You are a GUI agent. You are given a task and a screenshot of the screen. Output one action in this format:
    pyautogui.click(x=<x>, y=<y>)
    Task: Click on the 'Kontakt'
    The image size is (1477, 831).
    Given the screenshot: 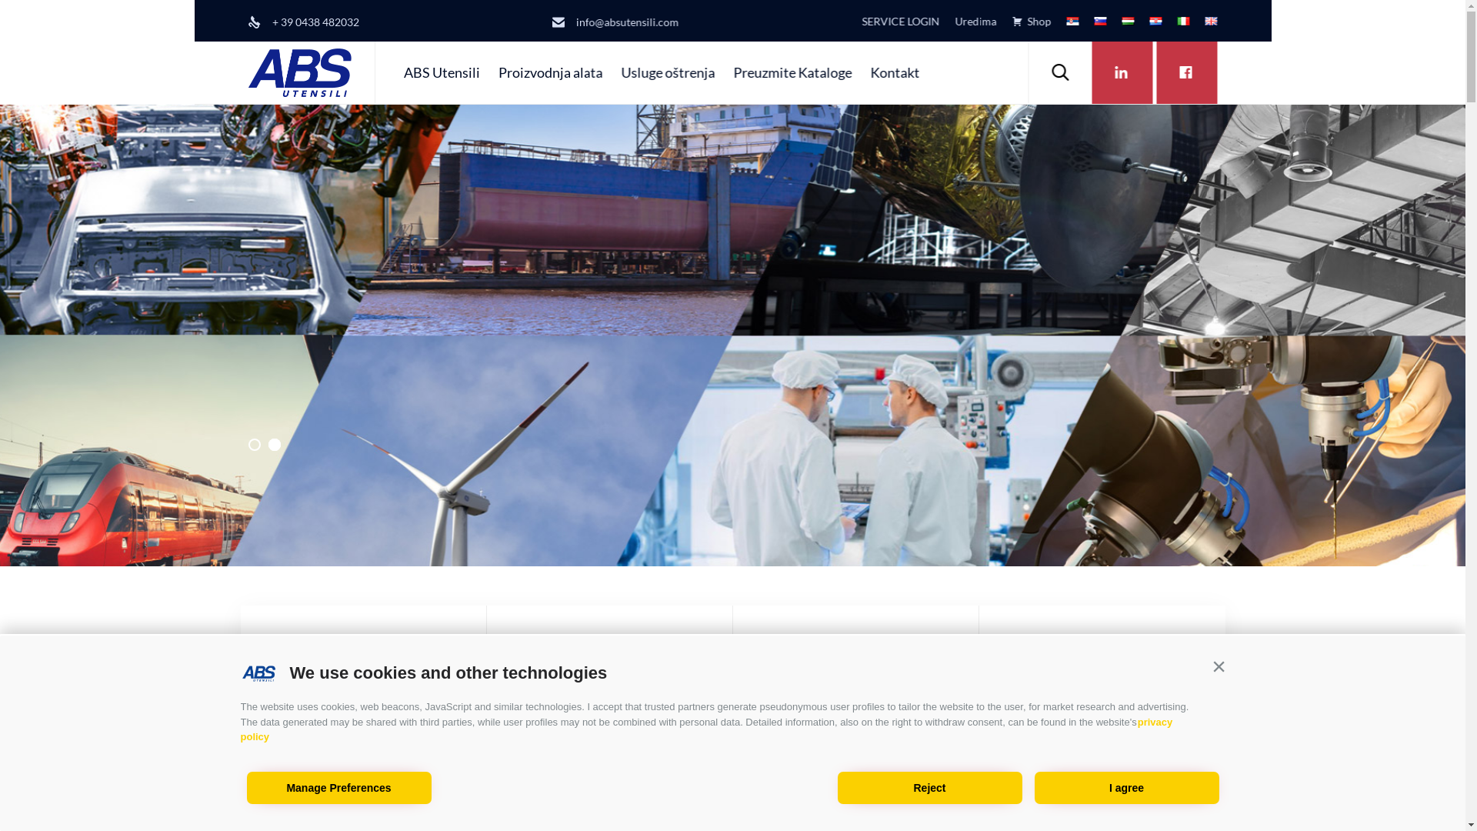 What is the action you would take?
    pyautogui.click(x=859, y=72)
    